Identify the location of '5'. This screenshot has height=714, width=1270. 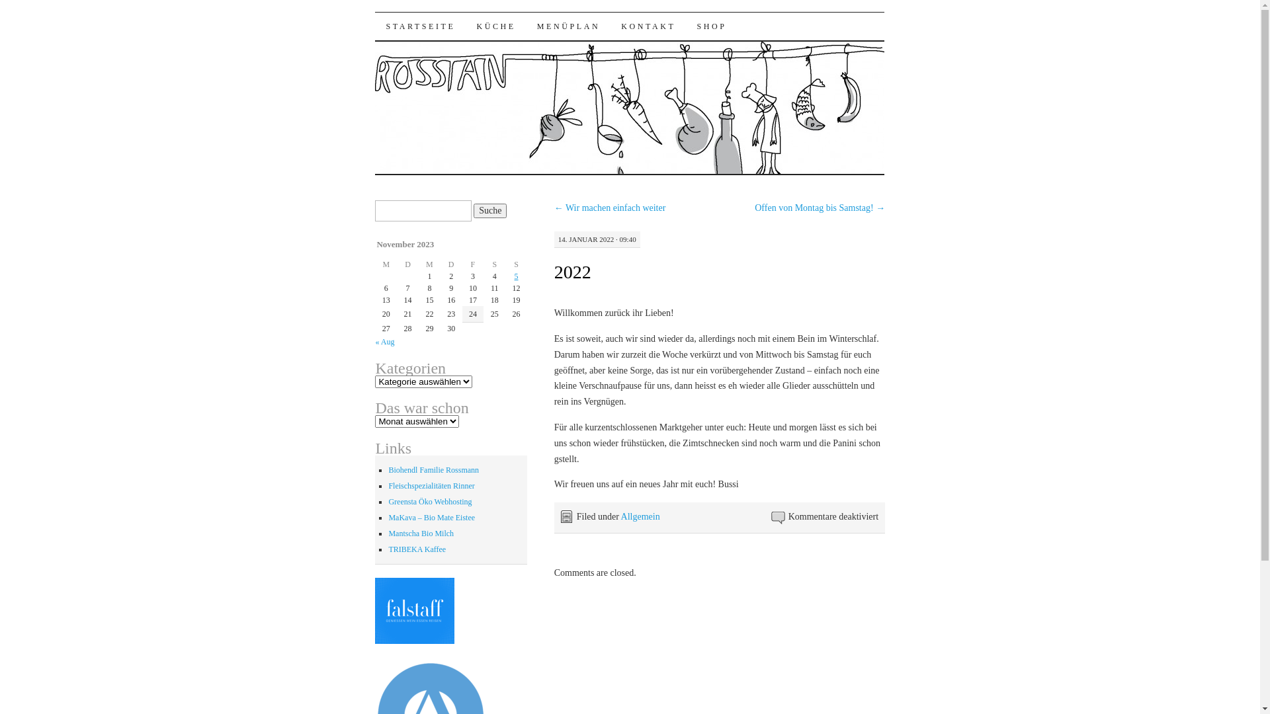
(516, 275).